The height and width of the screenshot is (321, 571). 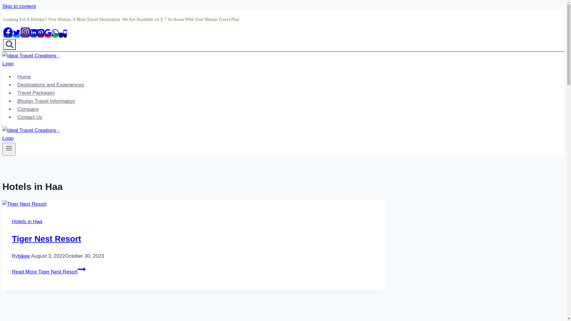 What do you see at coordinates (25, 35) in the screenshot?
I see `'Instagram'` at bounding box center [25, 35].